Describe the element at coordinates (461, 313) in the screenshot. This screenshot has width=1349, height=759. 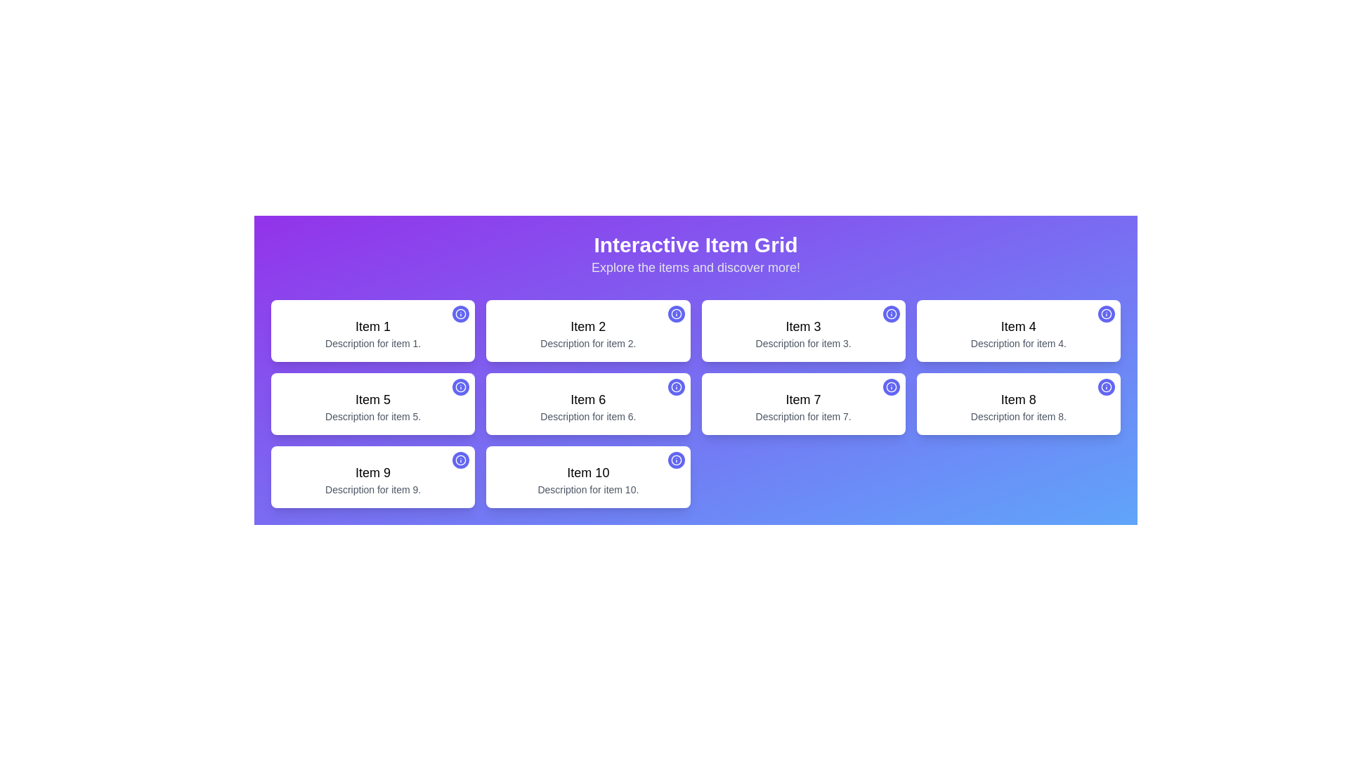
I see `the button located in the top-right corner of the card labeled 'Item 1'` at that location.